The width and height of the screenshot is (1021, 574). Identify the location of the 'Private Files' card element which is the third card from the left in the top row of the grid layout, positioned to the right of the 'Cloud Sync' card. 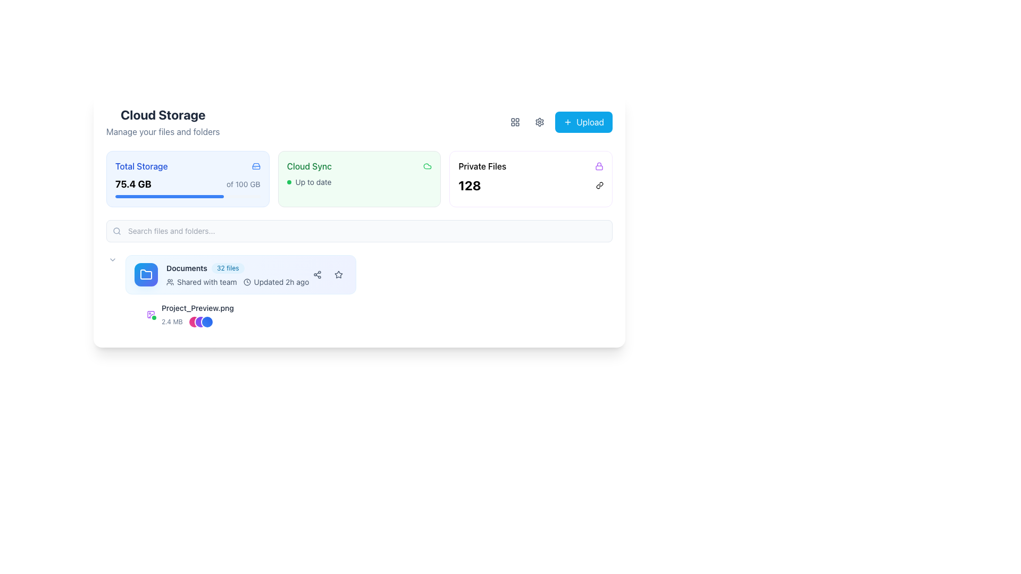
(538, 201).